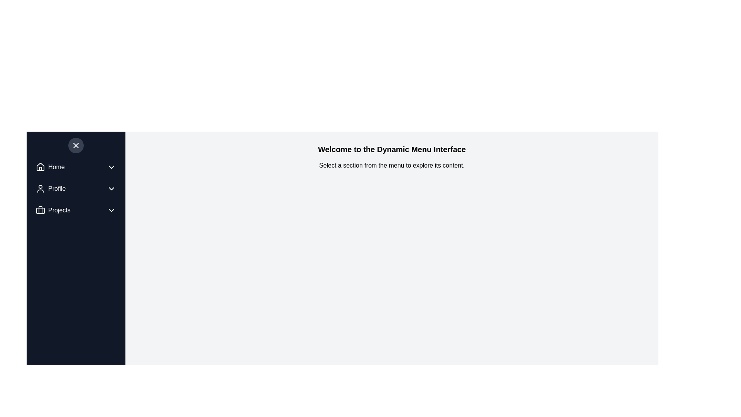  Describe the element at coordinates (76, 166) in the screenshot. I see `the dropdown indicator arrow on the 'Home' menu item` at that location.